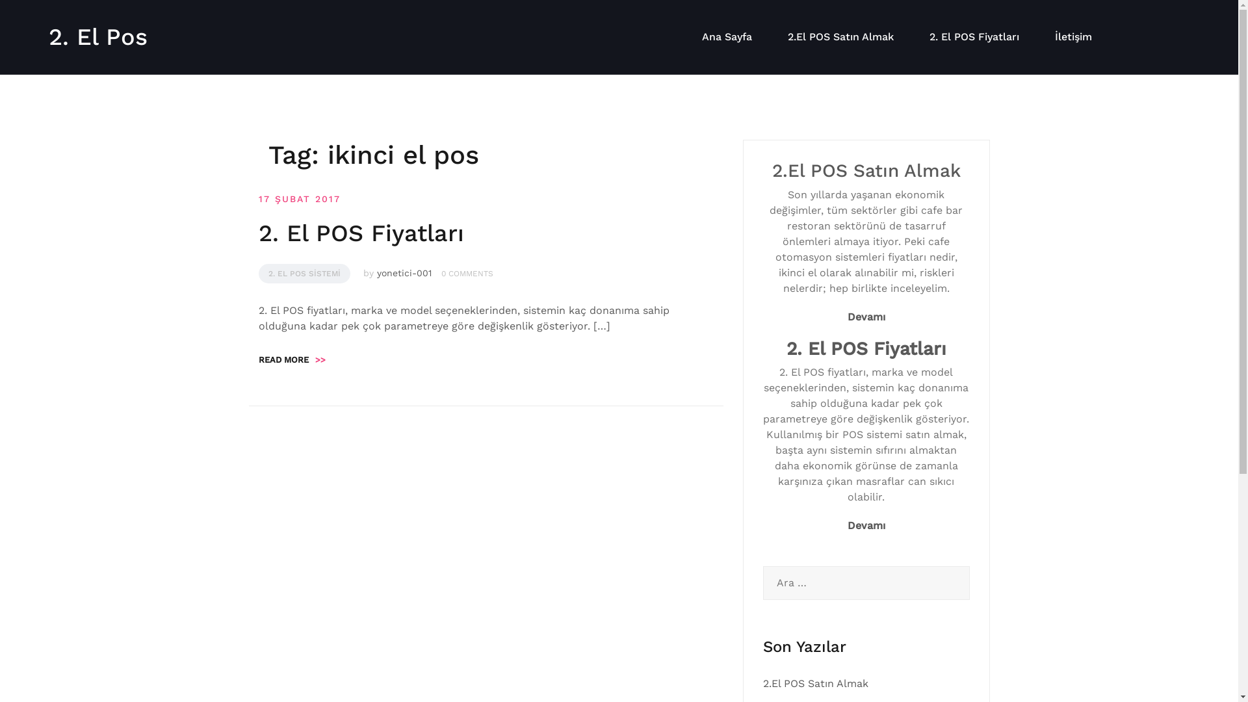 Image resolution: width=1248 pixels, height=702 pixels. Describe the element at coordinates (291, 360) in the screenshot. I see `'READ MORE>>'` at that location.